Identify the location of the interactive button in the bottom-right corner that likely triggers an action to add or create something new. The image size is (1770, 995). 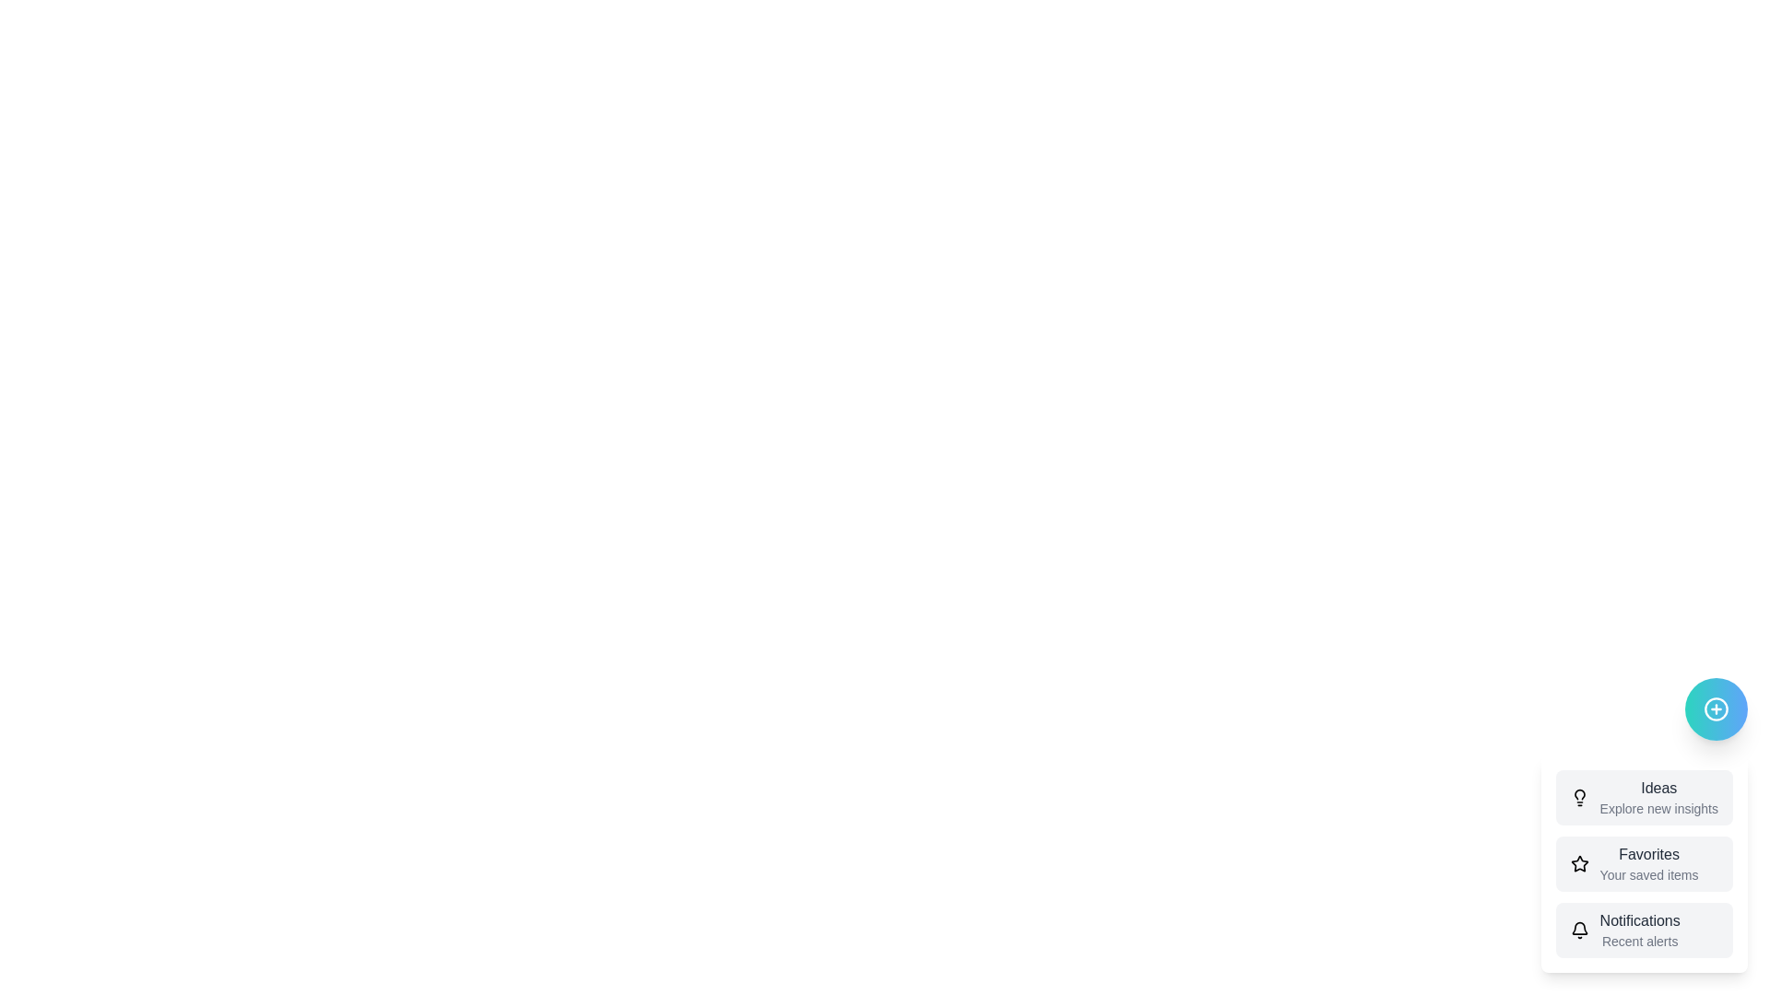
(1716, 708).